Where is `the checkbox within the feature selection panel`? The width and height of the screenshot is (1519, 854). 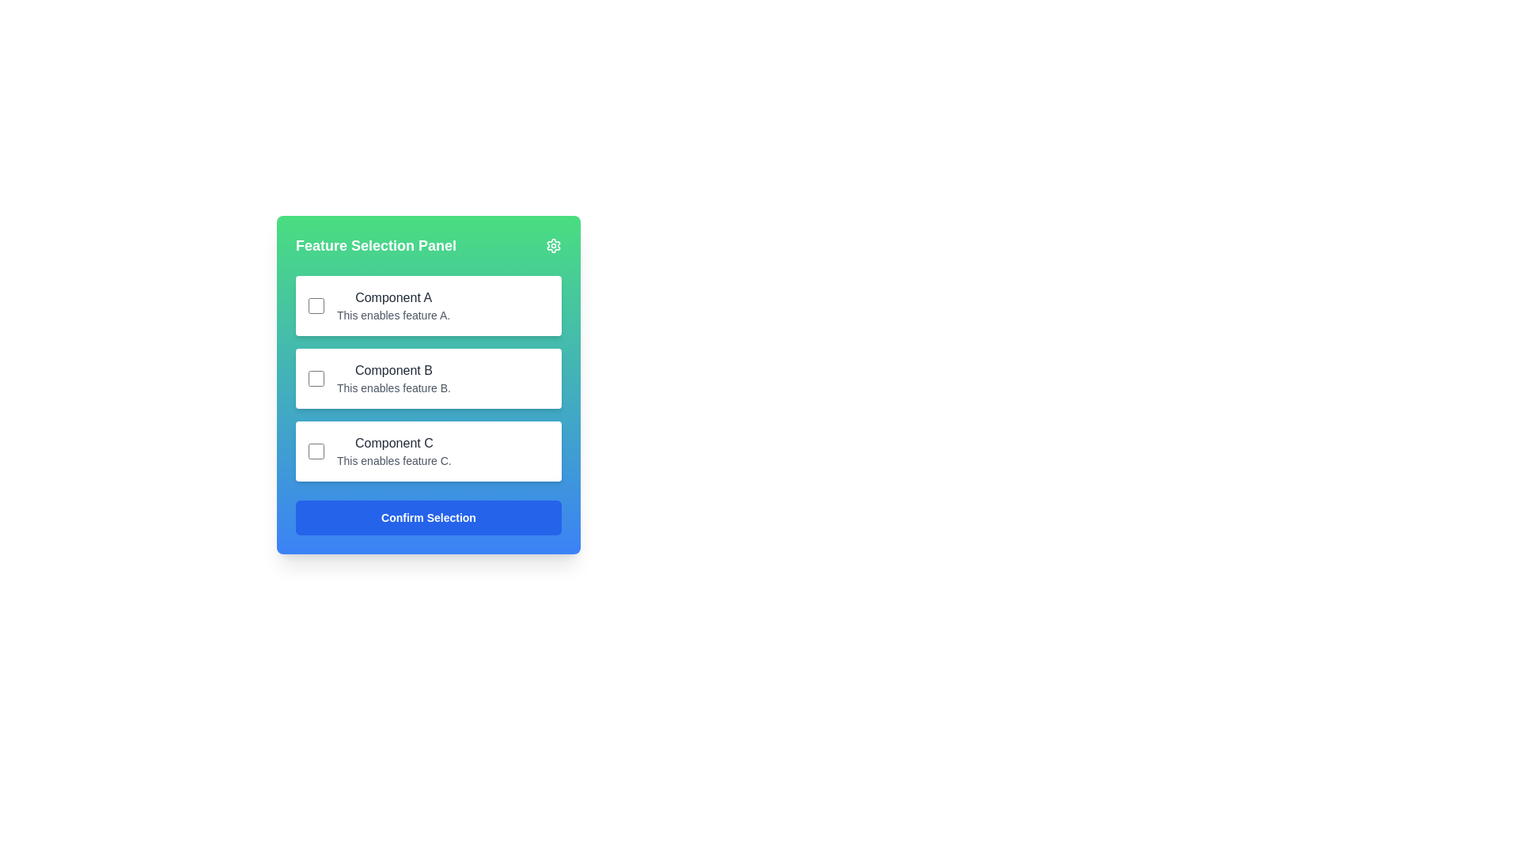 the checkbox within the feature selection panel is located at coordinates (429, 384).